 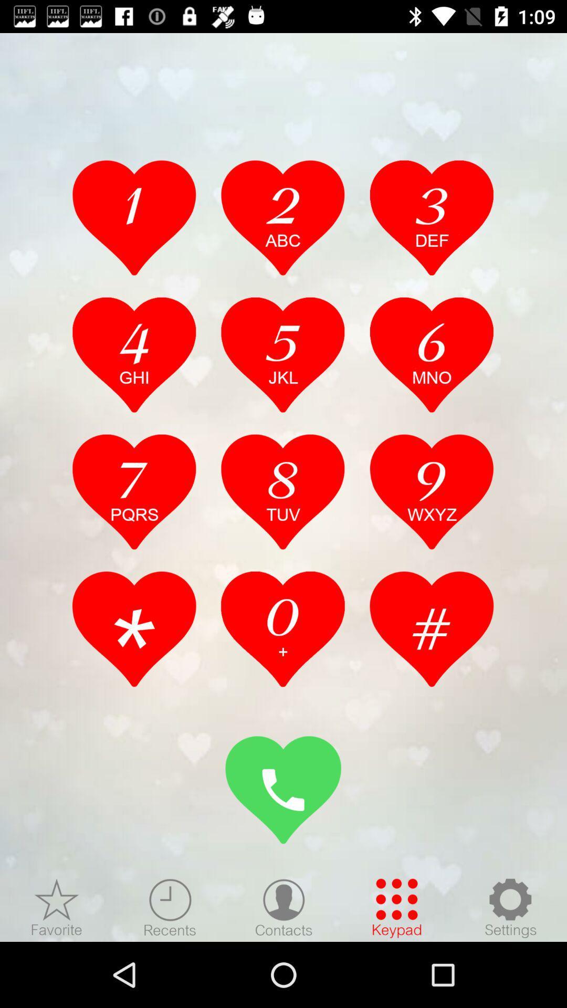 I want to click on press 4, so click(x=134, y=354).